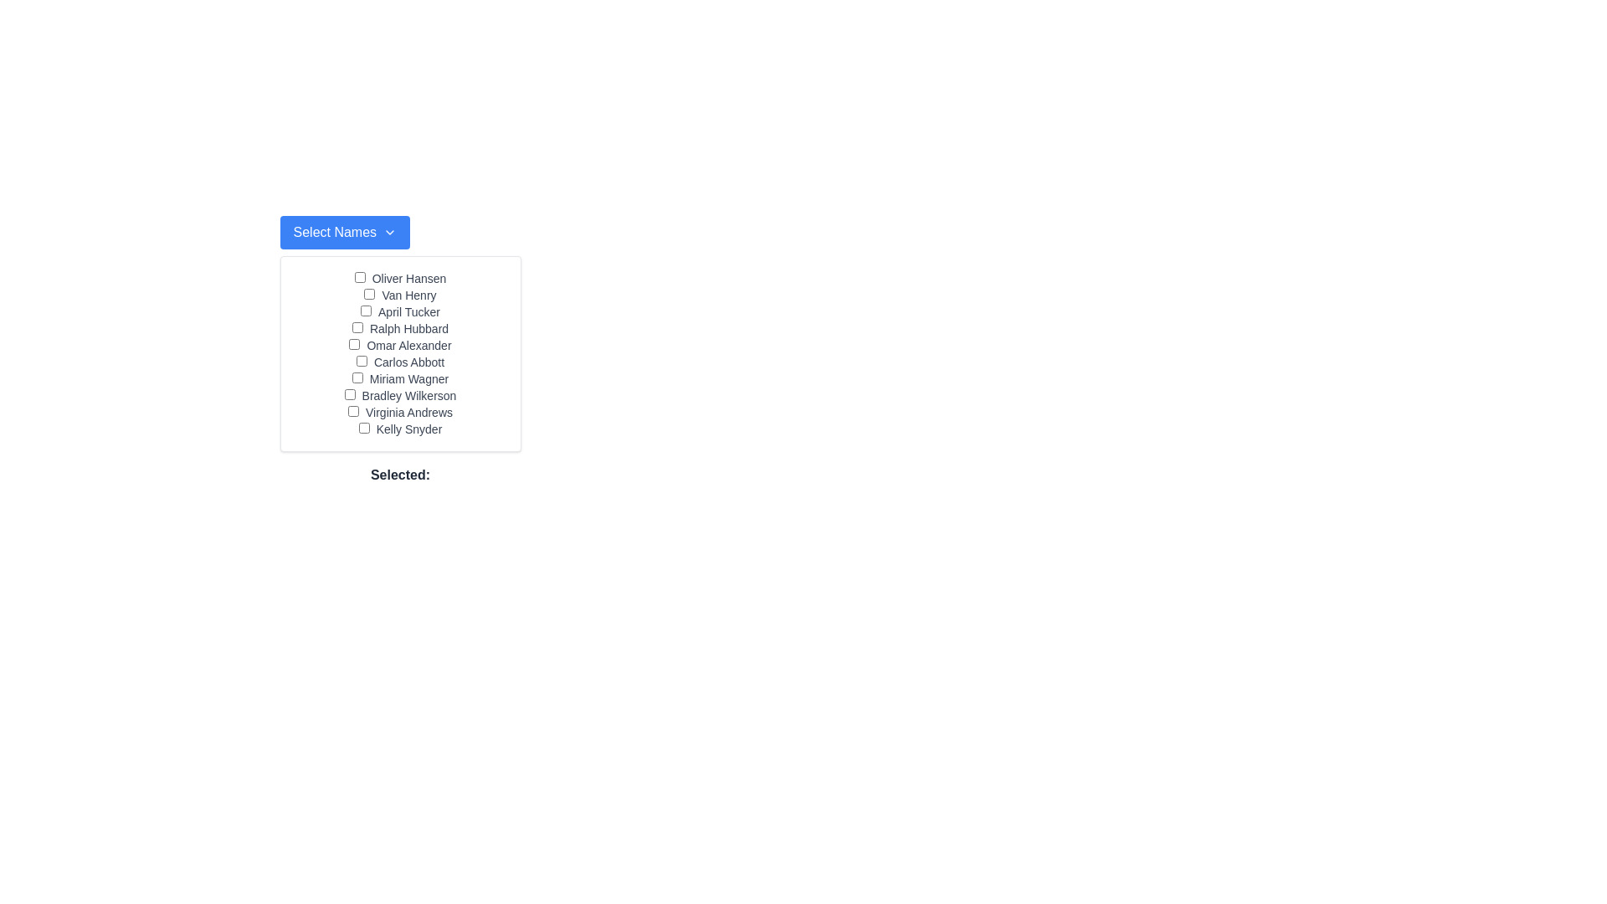 The image size is (1607, 904). I want to click on the checkboxes inside the panel containing a list of names, so click(399, 353).